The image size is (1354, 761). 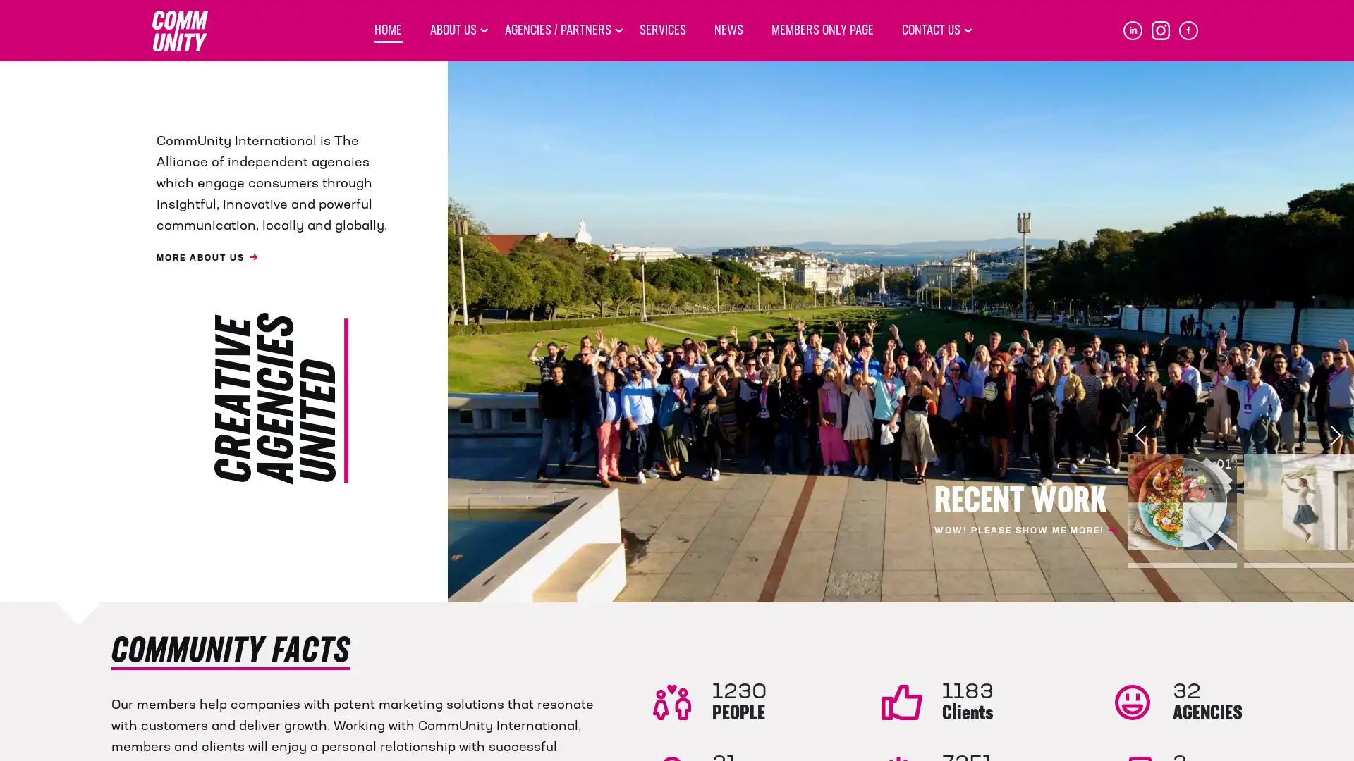 I want to click on Next slide, so click(x=1333, y=442).